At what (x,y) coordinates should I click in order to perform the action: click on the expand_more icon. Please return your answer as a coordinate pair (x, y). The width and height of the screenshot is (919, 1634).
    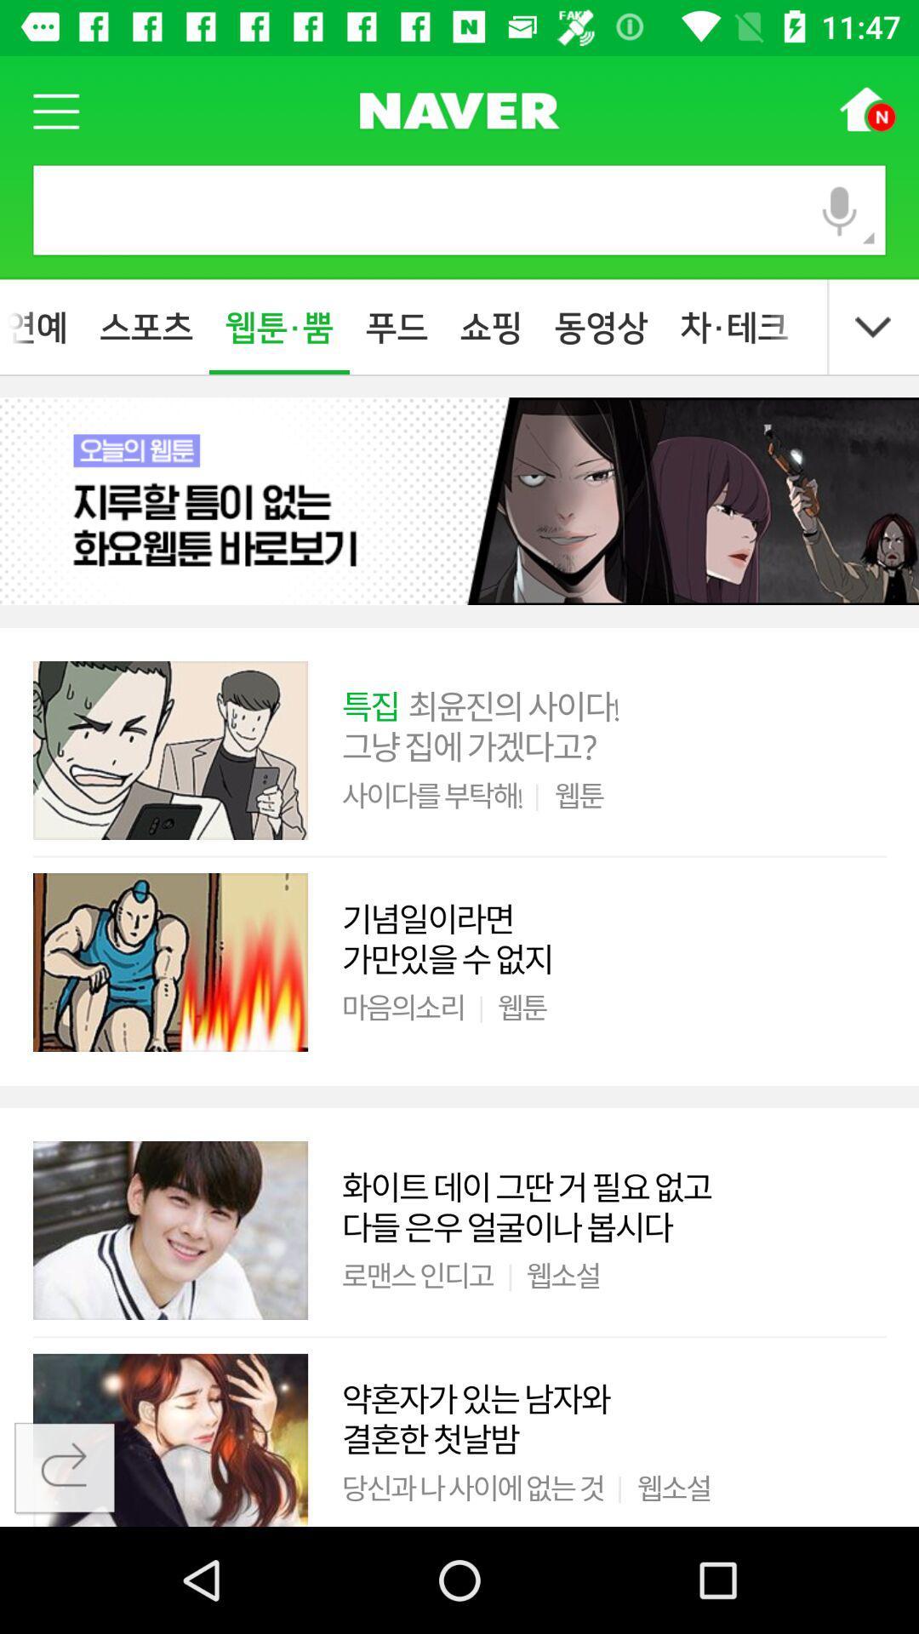
    Looking at the image, I should click on (873, 328).